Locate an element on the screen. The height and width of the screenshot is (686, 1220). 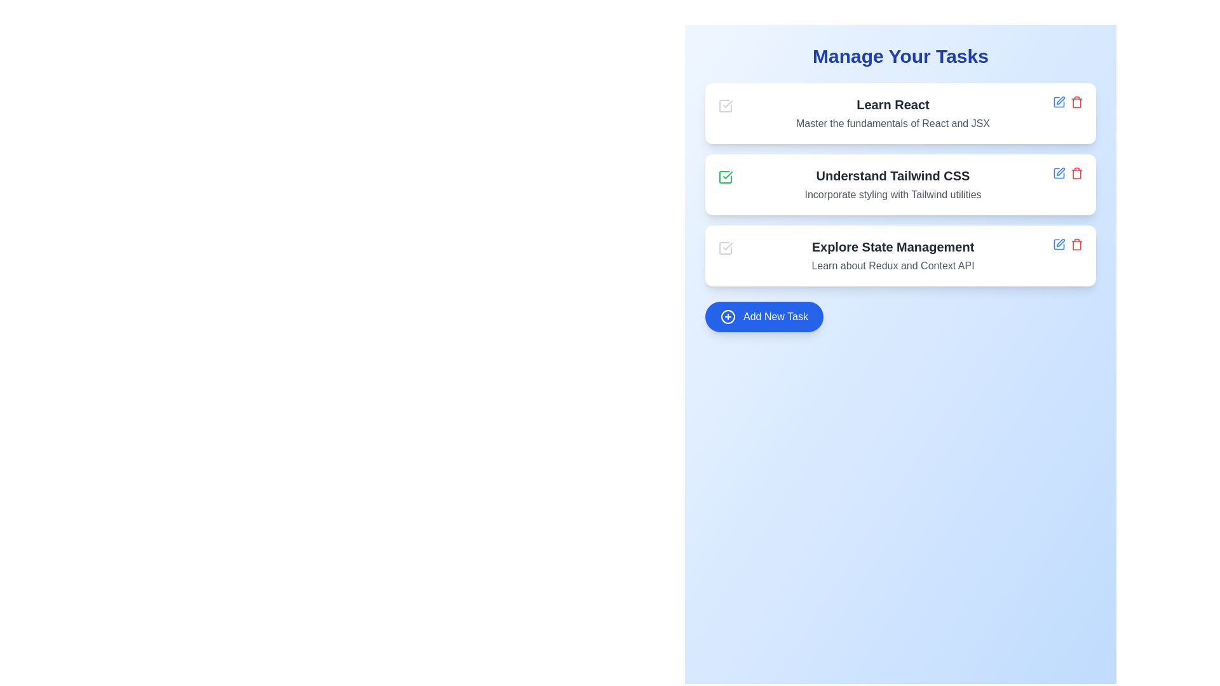
the completion icon located adjacent to the text 'Understand Tailwind CSS' in the checkbox area is located at coordinates (728, 175).